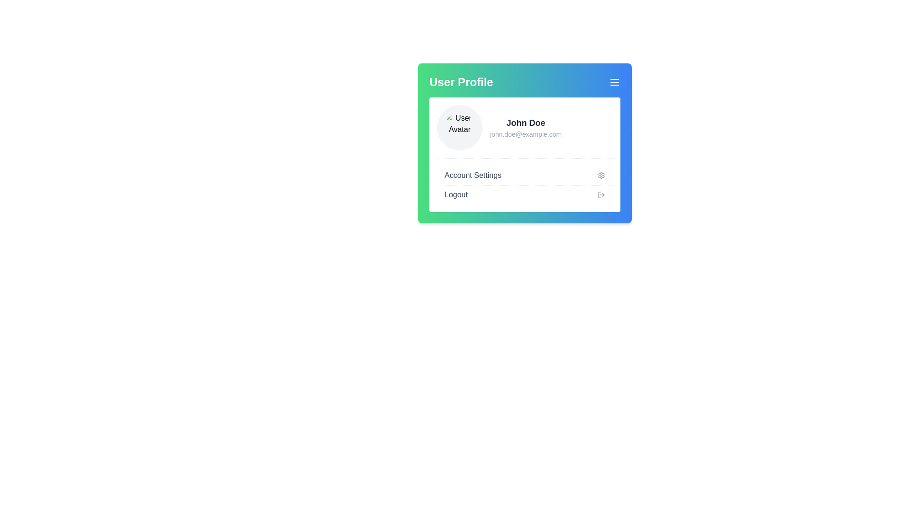  What do you see at coordinates (601, 175) in the screenshot?
I see `the settings icon located adjacent to the 'Account Settings' text in the UI` at bounding box center [601, 175].